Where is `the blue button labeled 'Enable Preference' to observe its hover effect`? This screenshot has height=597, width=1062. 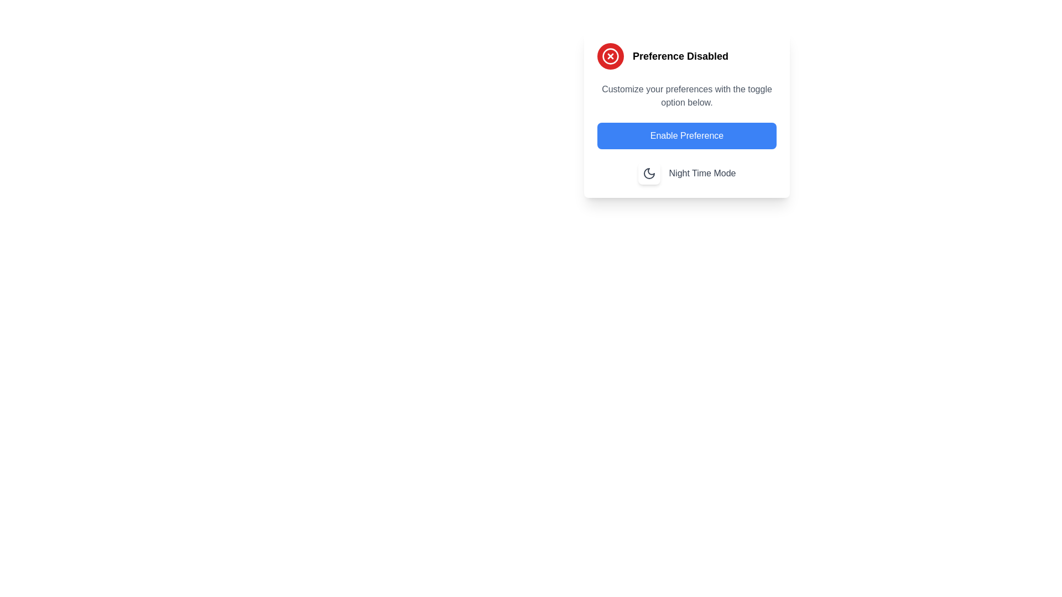 the blue button labeled 'Enable Preference' to observe its hover effect is located at coordinates (686, 135).